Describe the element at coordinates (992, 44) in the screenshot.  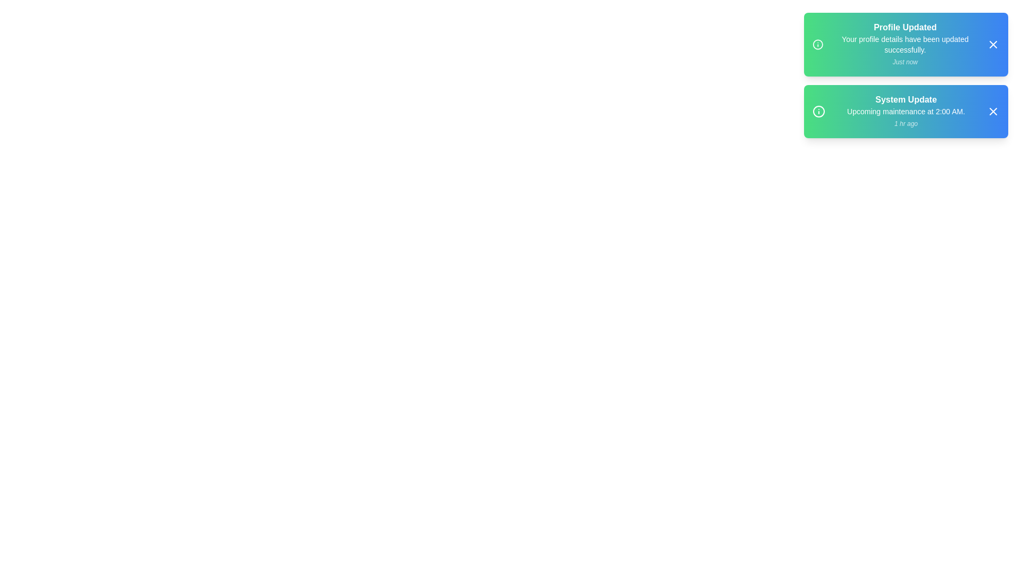
I see `the close button of the notification with title Profile Updated` at that location.